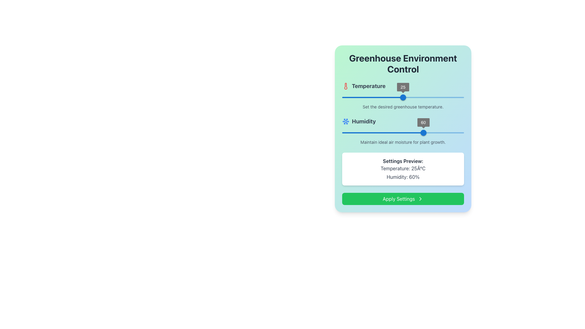 This screenshot has width=585, height=329. I want to click on displayed value of the circular label showing '60' above the humidity slider in the second row of the Greenhouse Environment Control panel, so click(423, 122).